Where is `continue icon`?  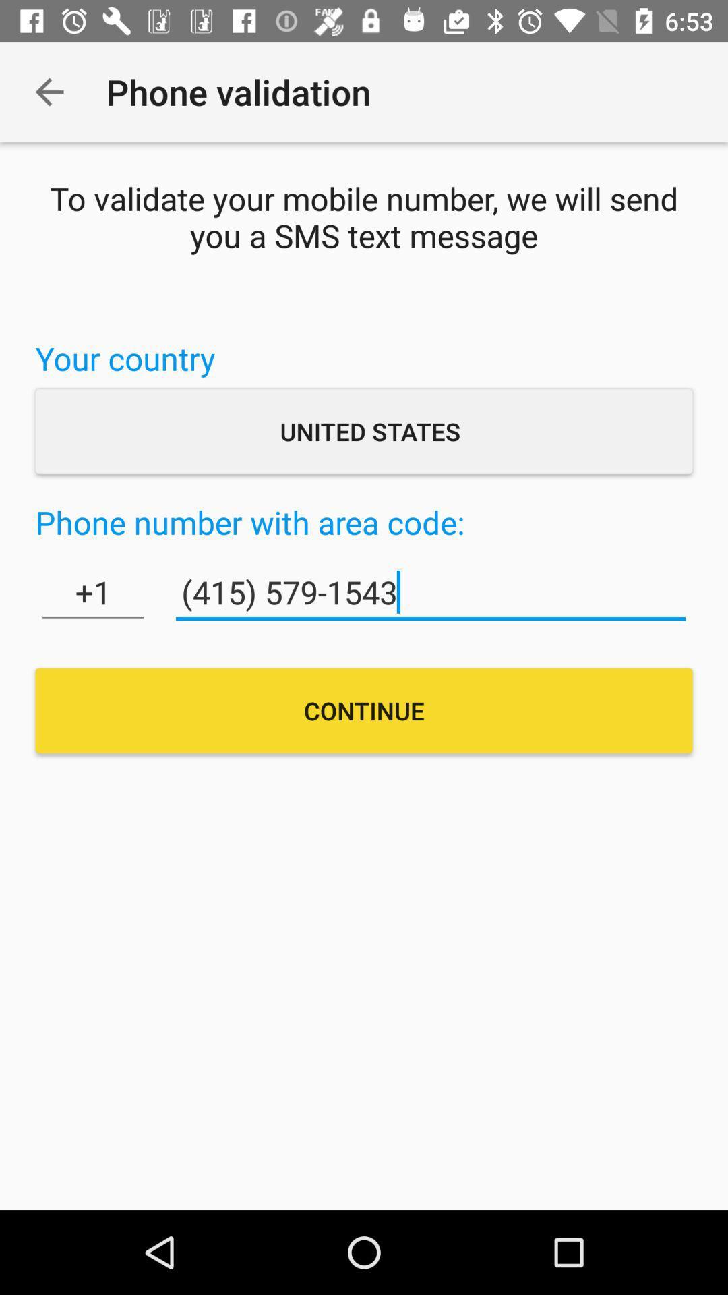 continue icon is located at coordinates (364, 710).